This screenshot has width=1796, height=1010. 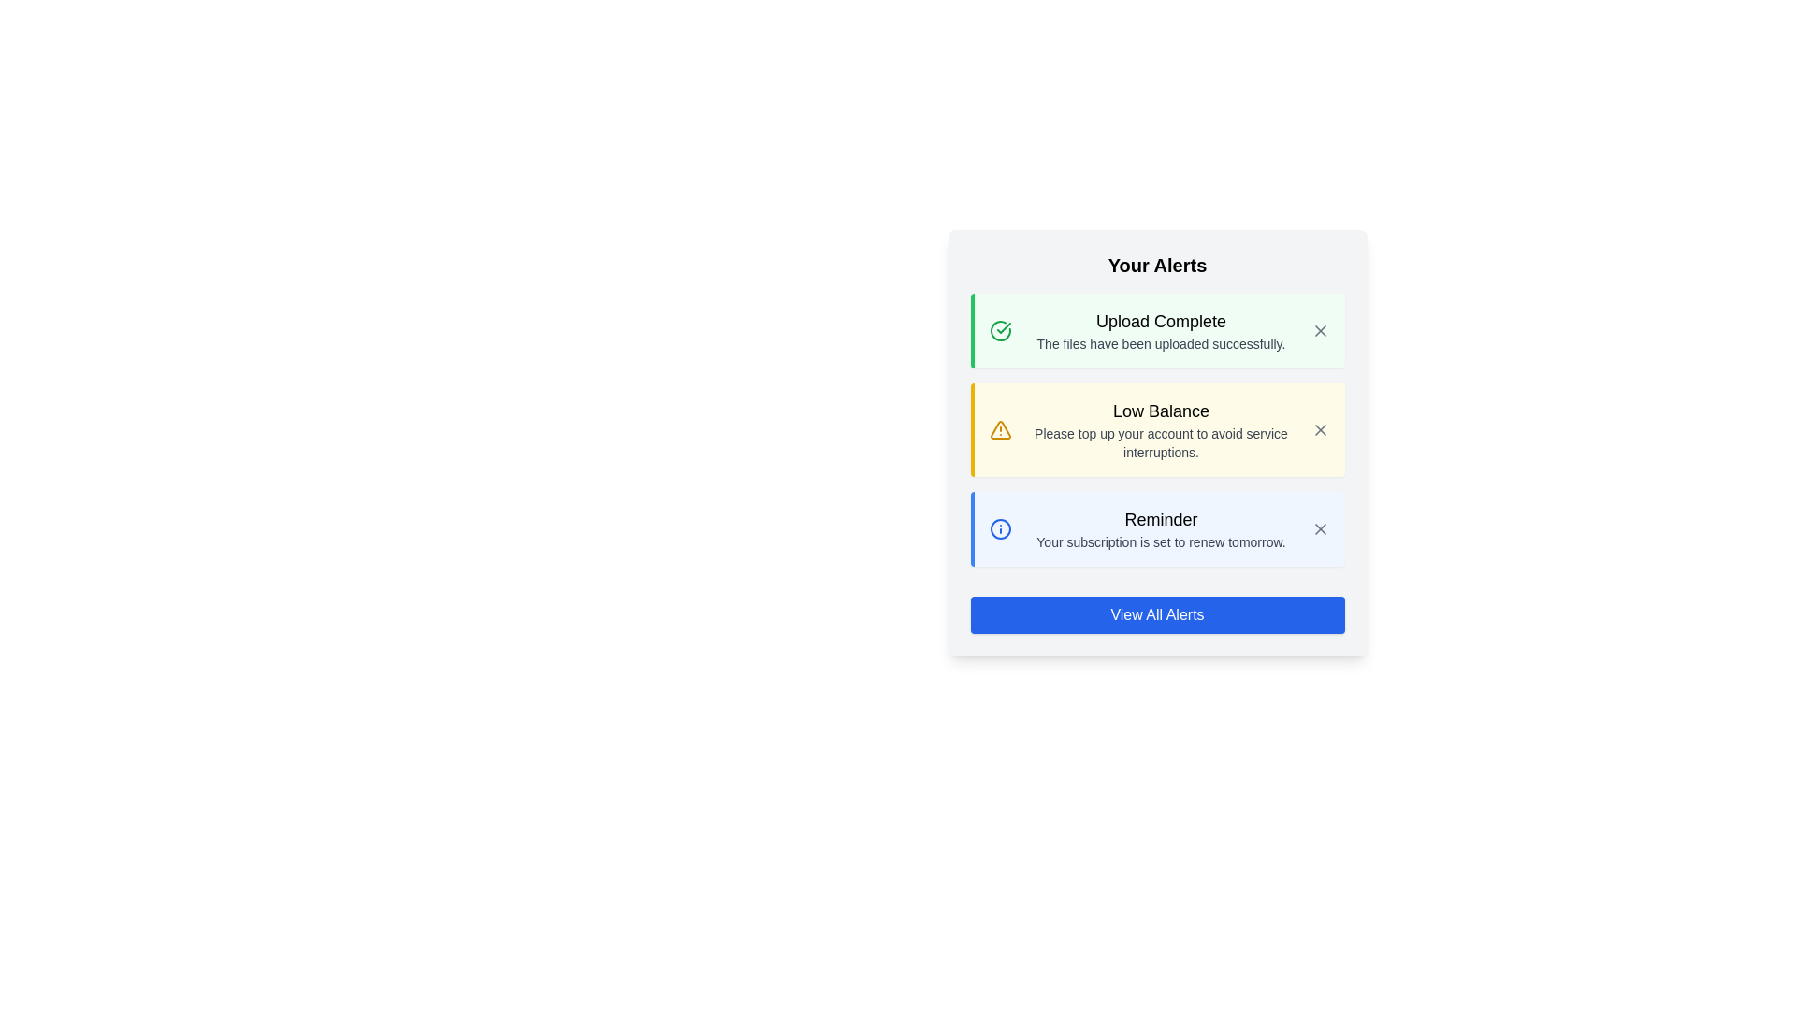 What do you see at coordinates (1160, 529) in the screenshot?
I see `the text block that includes the heading 'Reminder' and the subtext 'Your subscription is set to renew tomorrow.' to potentially reveal tooltips` at bounding box center [1160, 529].